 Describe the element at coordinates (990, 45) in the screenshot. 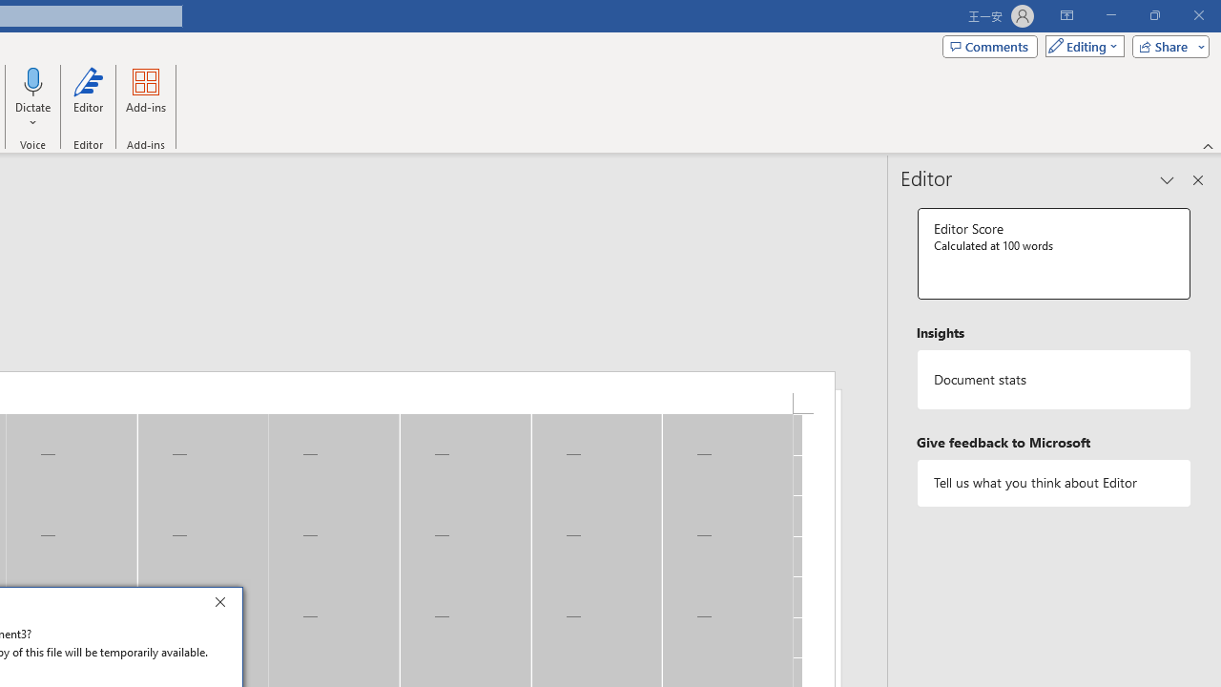

I see `'Comments'` at that location.